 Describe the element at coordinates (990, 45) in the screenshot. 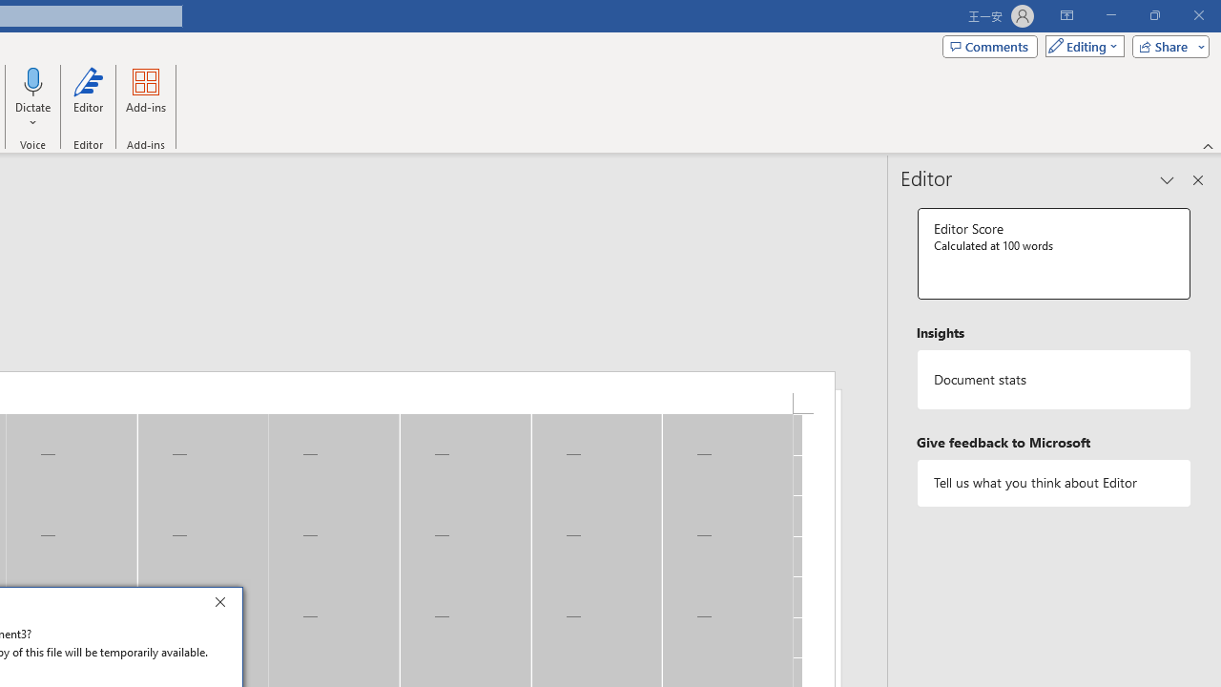

I see `'Comments'` at that location.